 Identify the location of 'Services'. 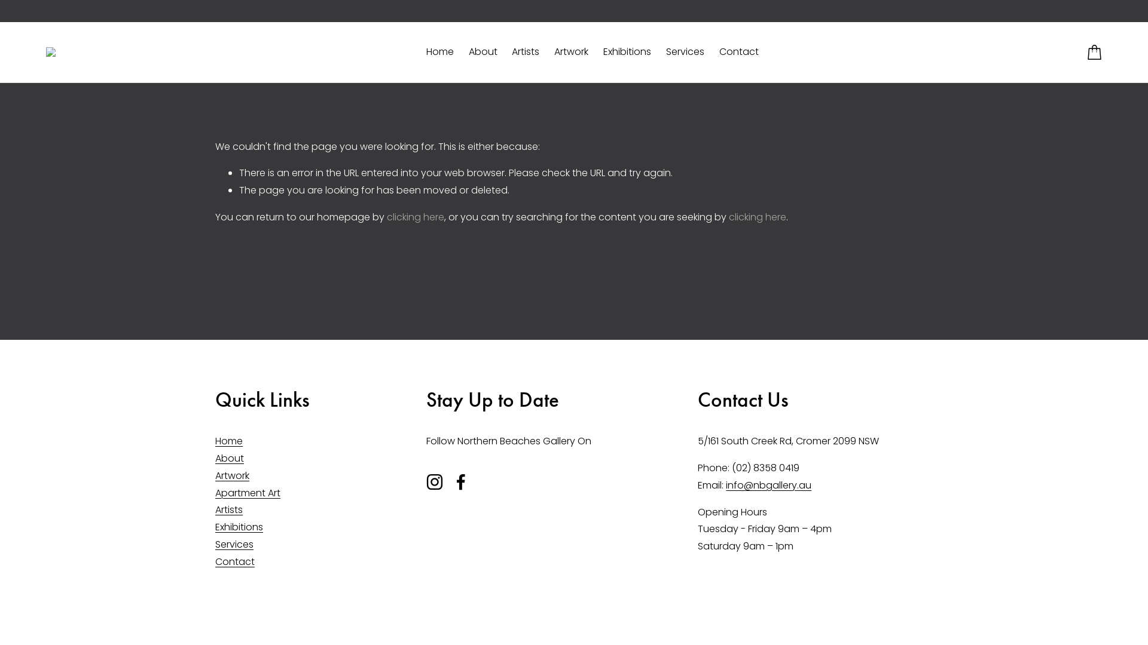
(665, 51).